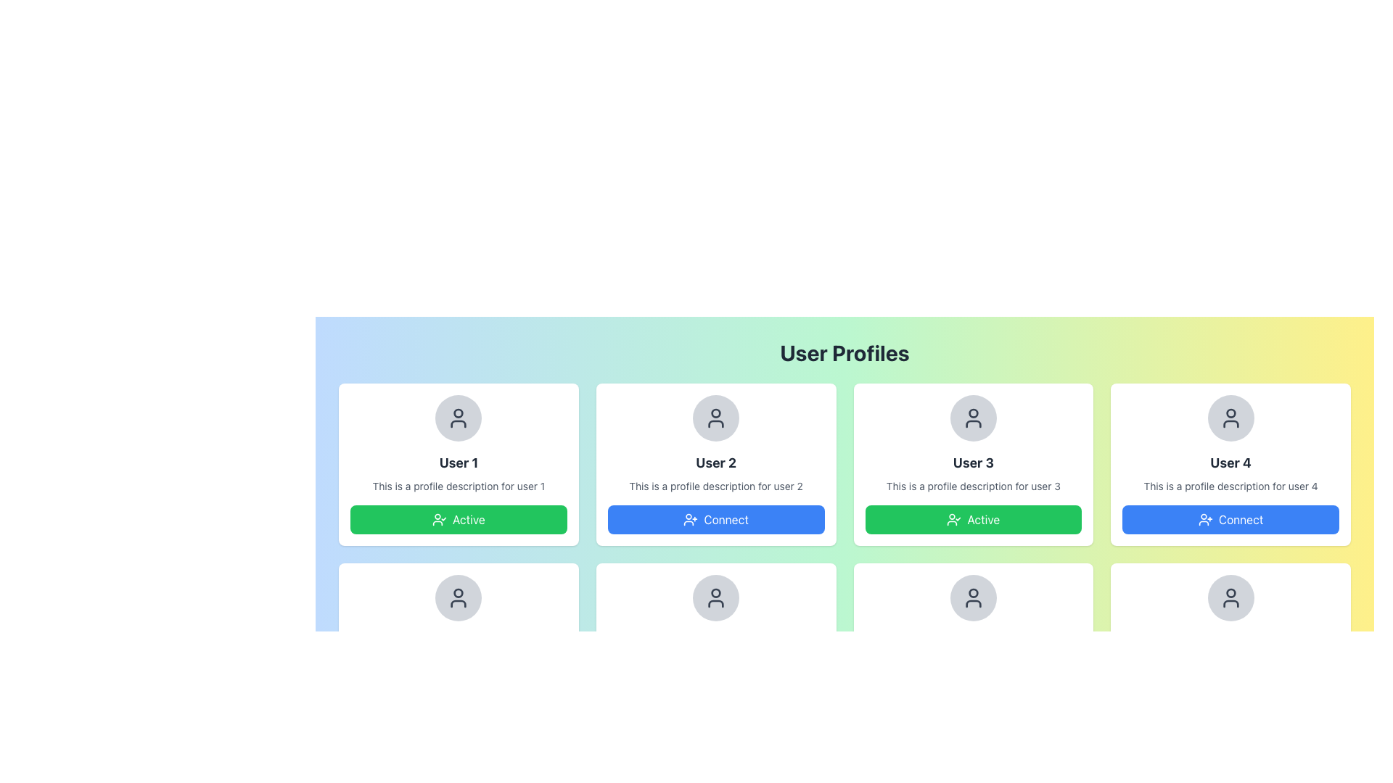 This screenshot has height=783, width=1393. Describe the element at coordinates (973, 464) in the screenshot. I see `the Profile Card displaying User 3's summary, located in the first row and third position from the left` at that location.